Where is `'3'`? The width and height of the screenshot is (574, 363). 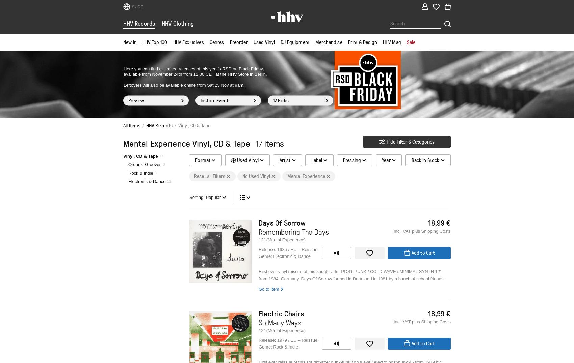
'3' is located at coordinates (162, 164).